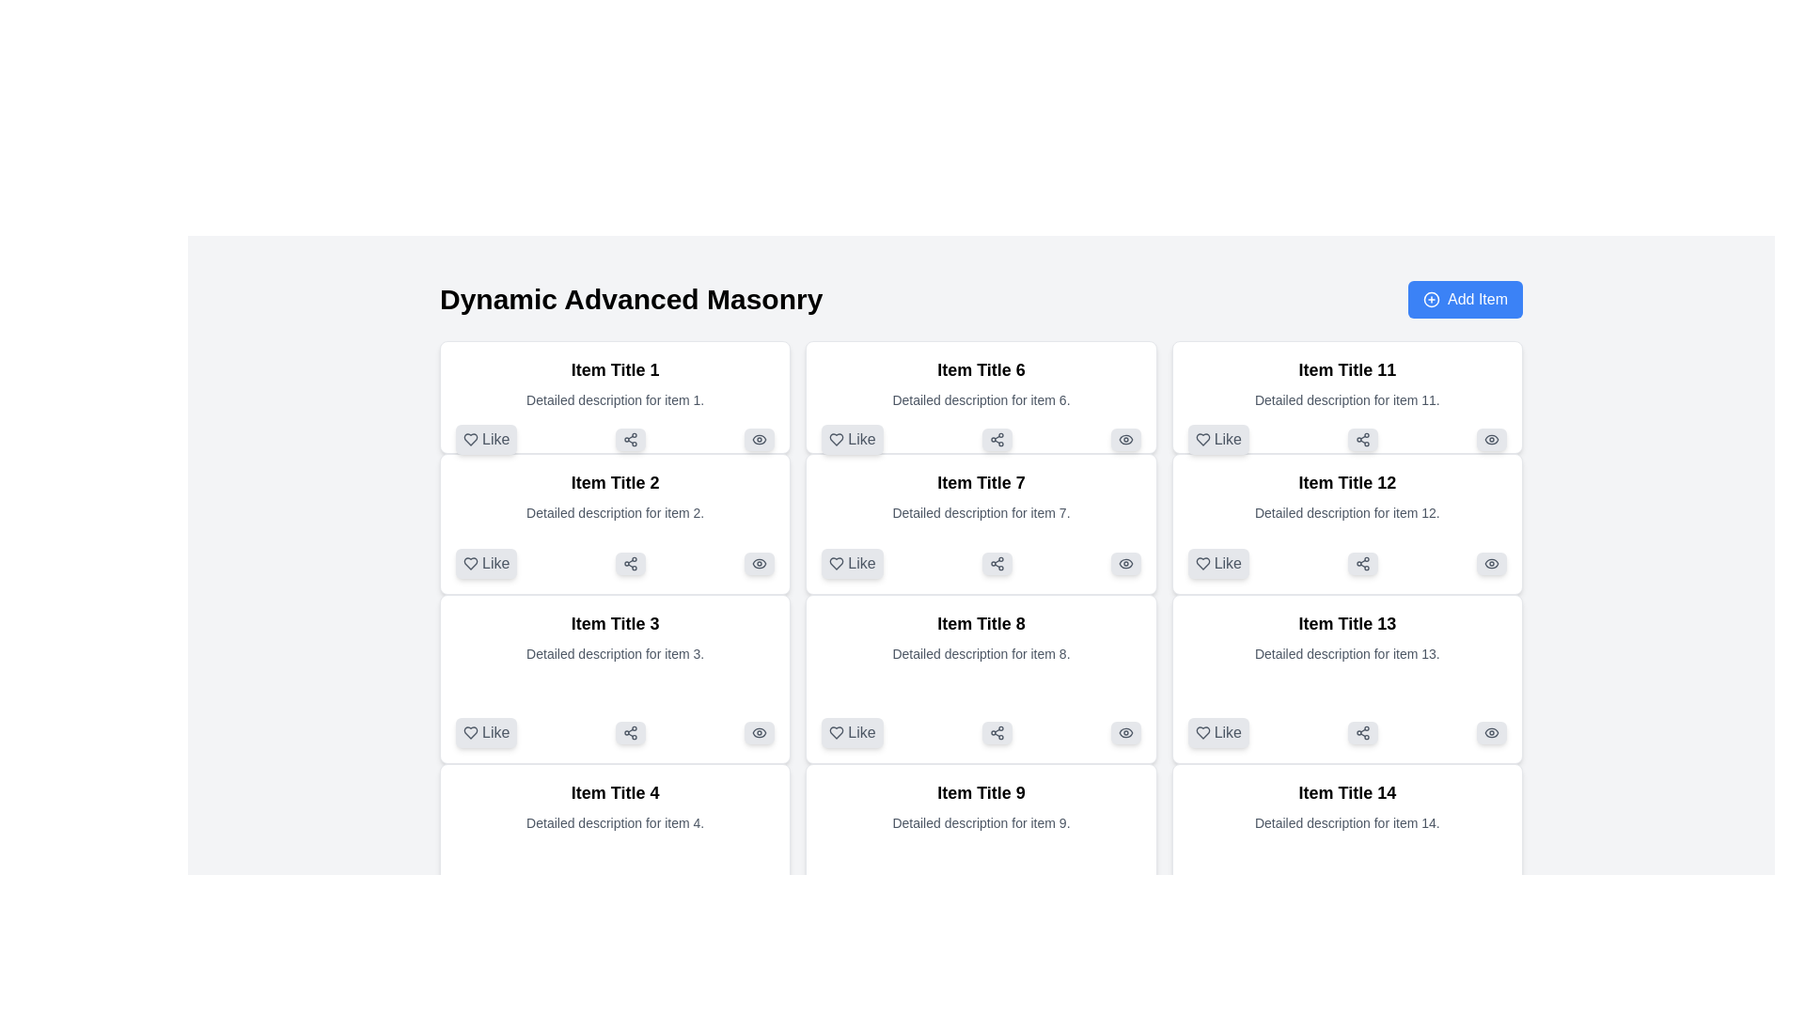 The width and height of the screenshot is (1805, 1015). What do you see at coordinates (1201, 563) in the screenshot?
I see `the heart-shaped icon within the 'Like' button located under the card 'Item Title 12' in the third column of the fourth row` at bounding box center [1201, 563].